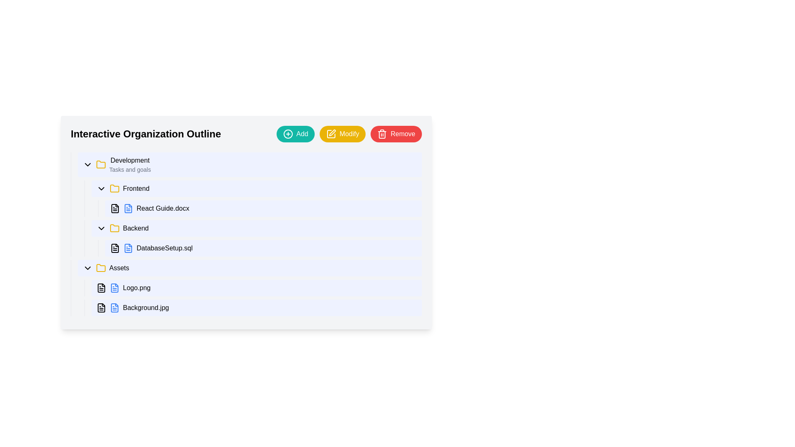 The image size is (795, 447). What do you see at coordinates (136, 188) in the screenshot?
I see `to select the 'Frontend' folder label located under the 'Development' section, to the right of the yellow folder icon and above the 'React Guide.docx' file` at bounding box center [136, 188].